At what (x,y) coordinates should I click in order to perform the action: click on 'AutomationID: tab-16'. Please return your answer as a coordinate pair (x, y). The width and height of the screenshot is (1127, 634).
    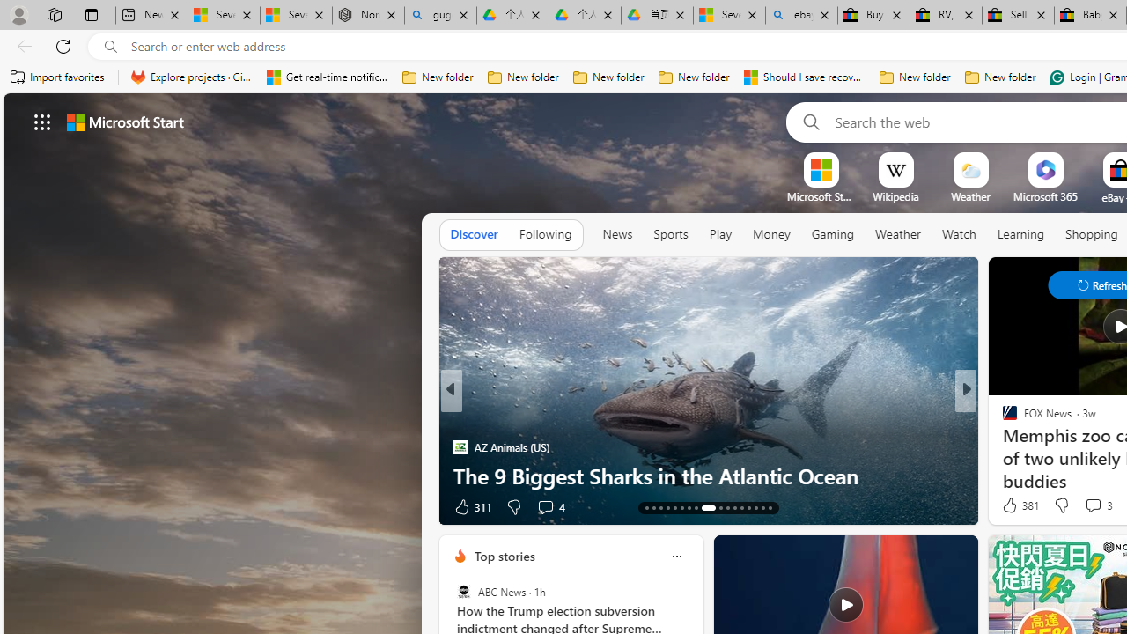
    Looking at the image, I should click on (667, 508).